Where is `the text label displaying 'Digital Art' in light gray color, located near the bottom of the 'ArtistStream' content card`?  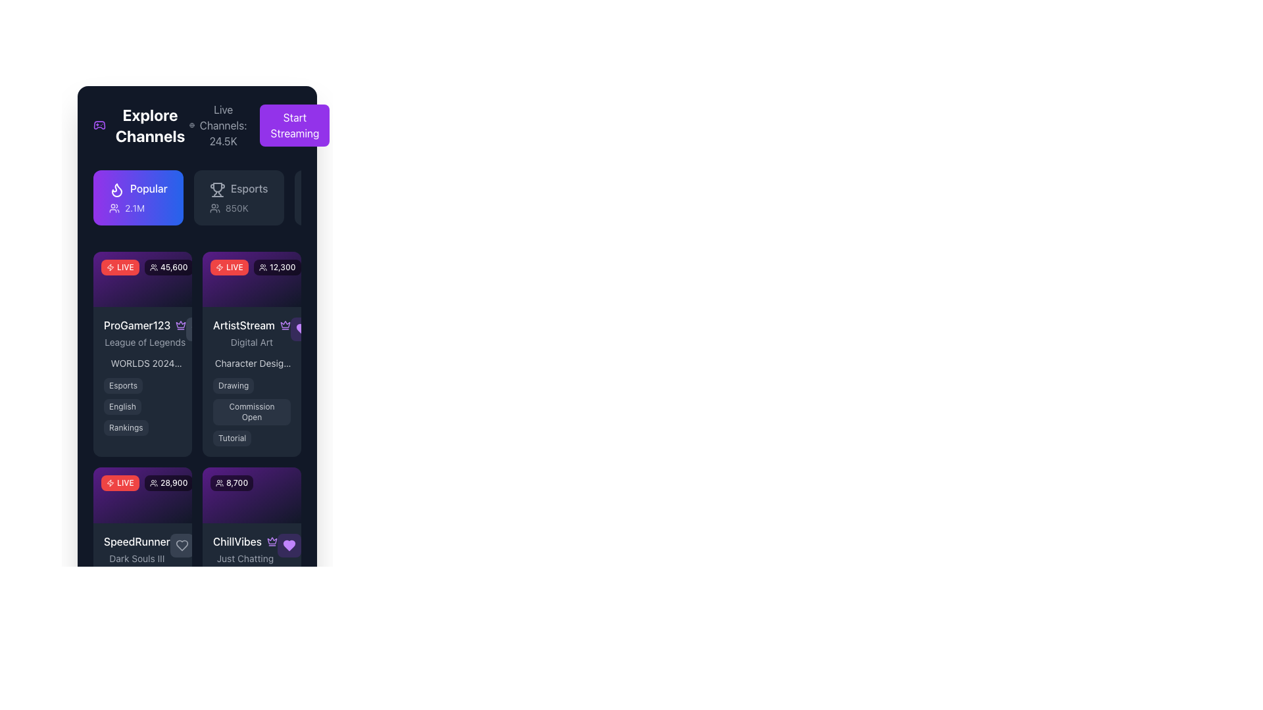 the text label displaying 'Digital Art' in light gray color, located near the bottom of the 'ArtistStream' content card is located at coordinates (252, 342).